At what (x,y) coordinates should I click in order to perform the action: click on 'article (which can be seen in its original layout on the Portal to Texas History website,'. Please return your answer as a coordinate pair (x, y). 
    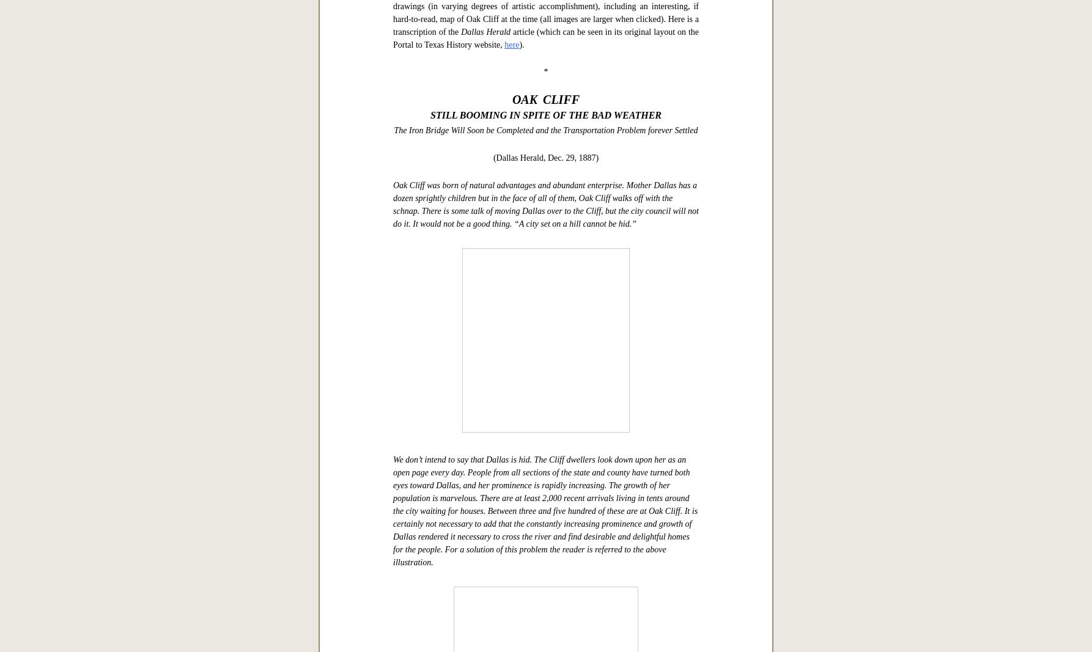
    Looking at the image, I should click on (546, 422).